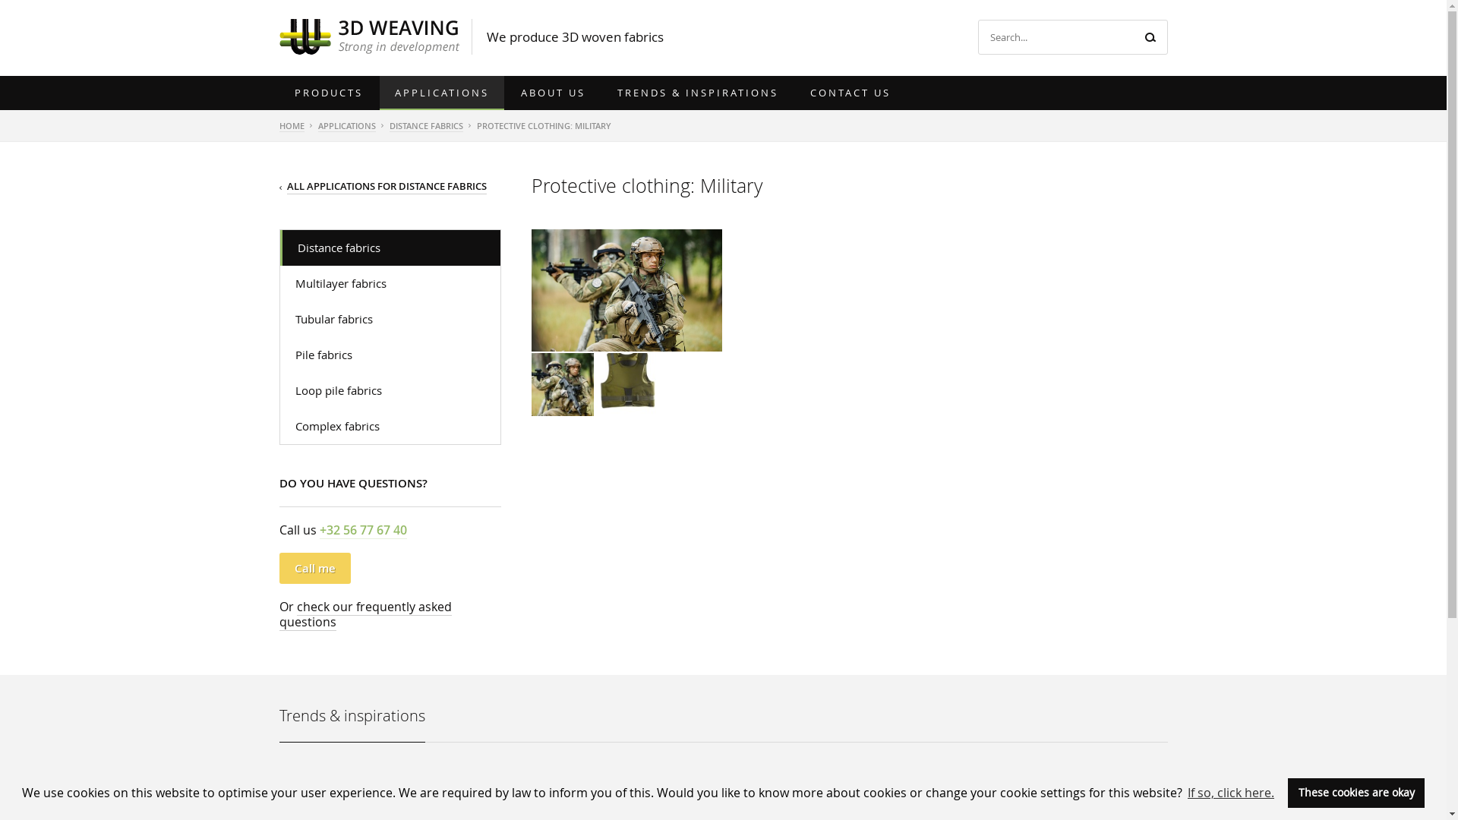  I want to click on 'TRENDS & INSPIRATIONS', so click(696, 93).